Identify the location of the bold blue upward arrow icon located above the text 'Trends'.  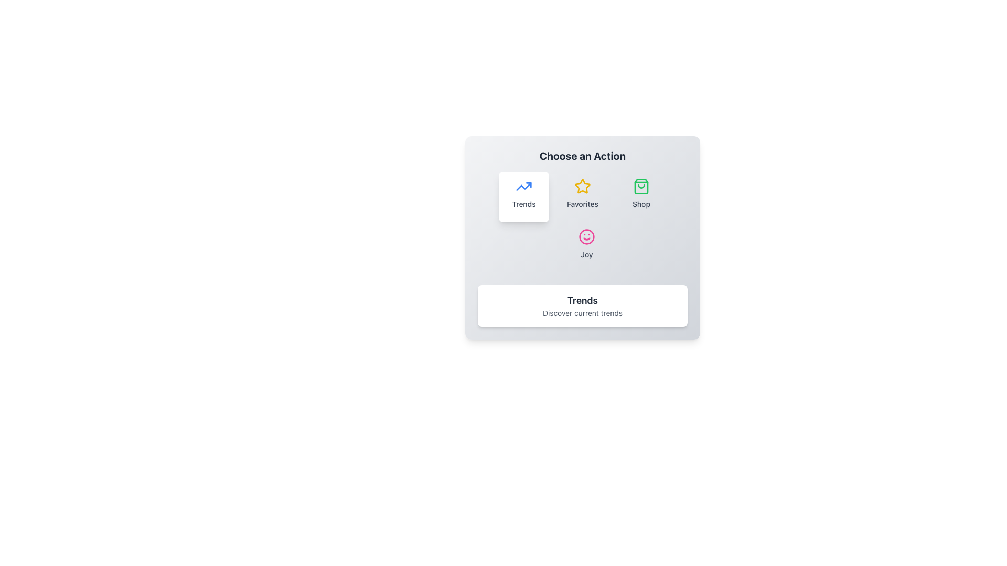
(523, 186).